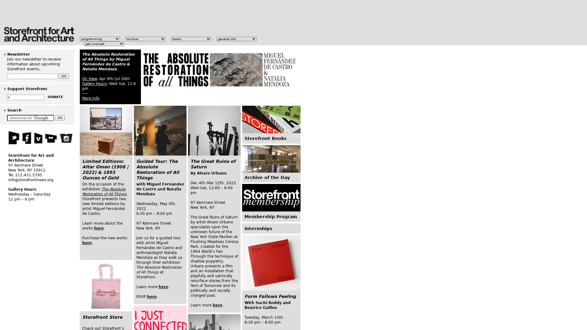 This screenshot has width=587, height=330. What do you see at coordinates (60, 118) in the screenshot?
I see `GO` at bounding box center [60, 118].